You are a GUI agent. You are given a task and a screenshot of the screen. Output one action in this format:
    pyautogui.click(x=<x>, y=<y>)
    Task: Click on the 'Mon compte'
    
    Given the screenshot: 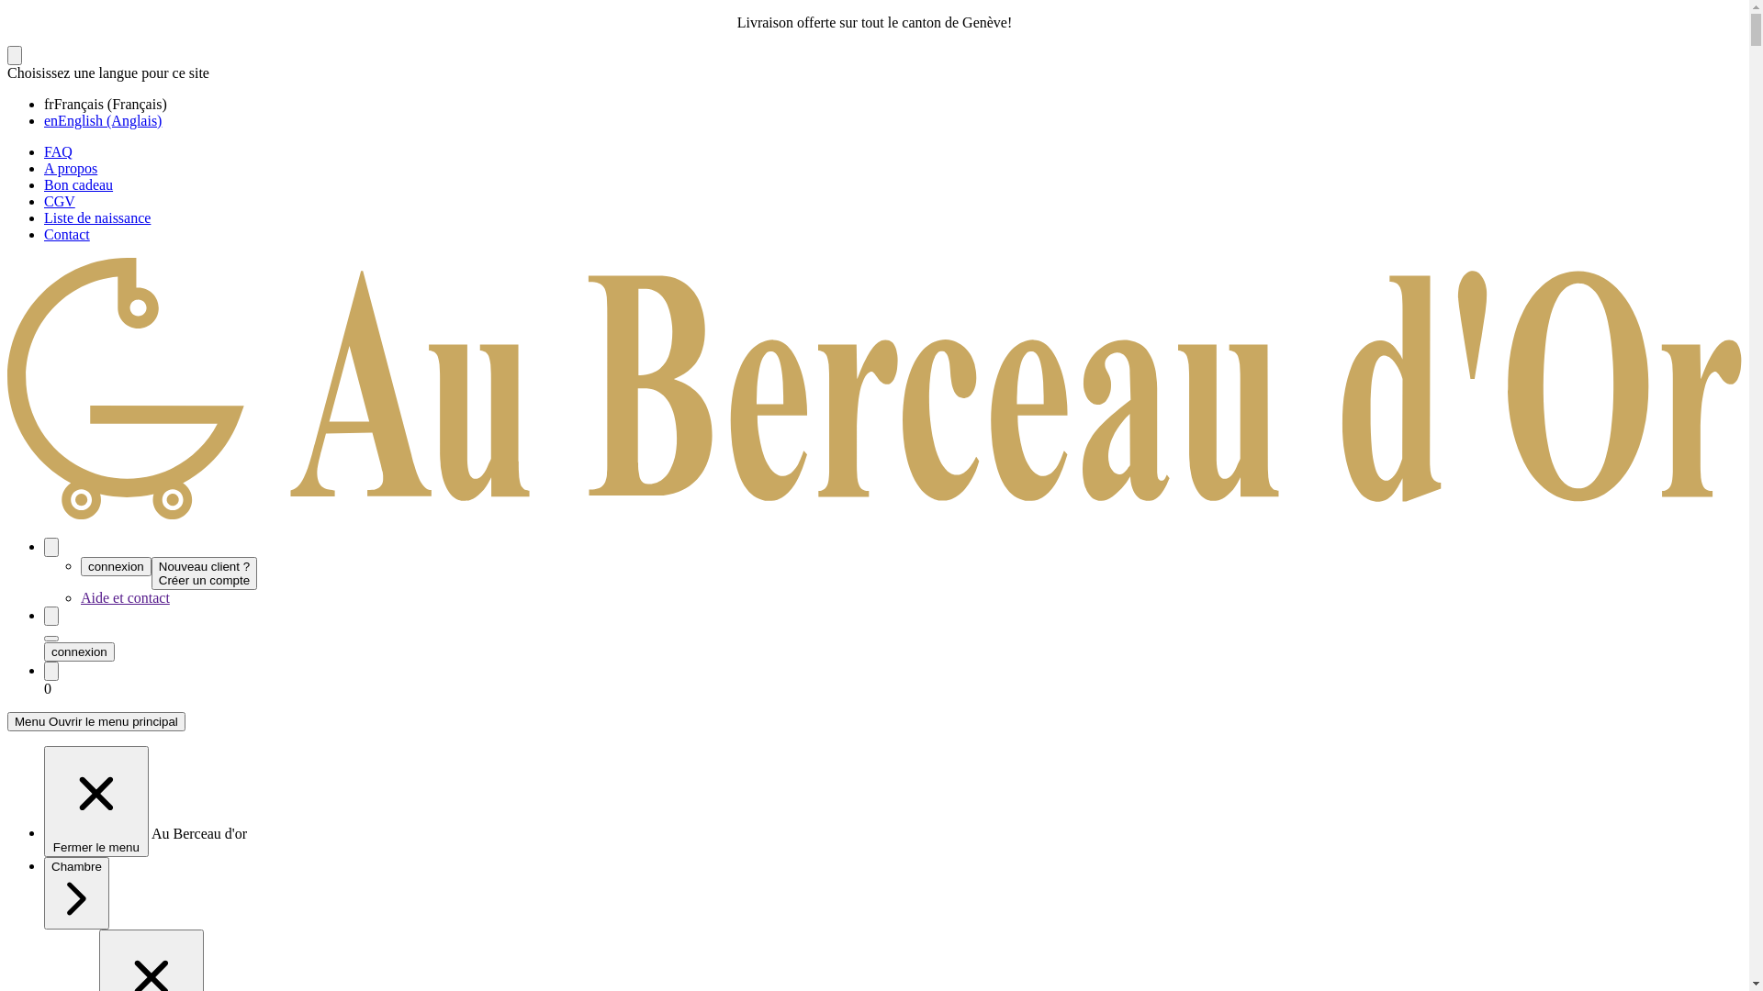 What is the action you would take?
    pyautogui.click(x=51, y=546)
    